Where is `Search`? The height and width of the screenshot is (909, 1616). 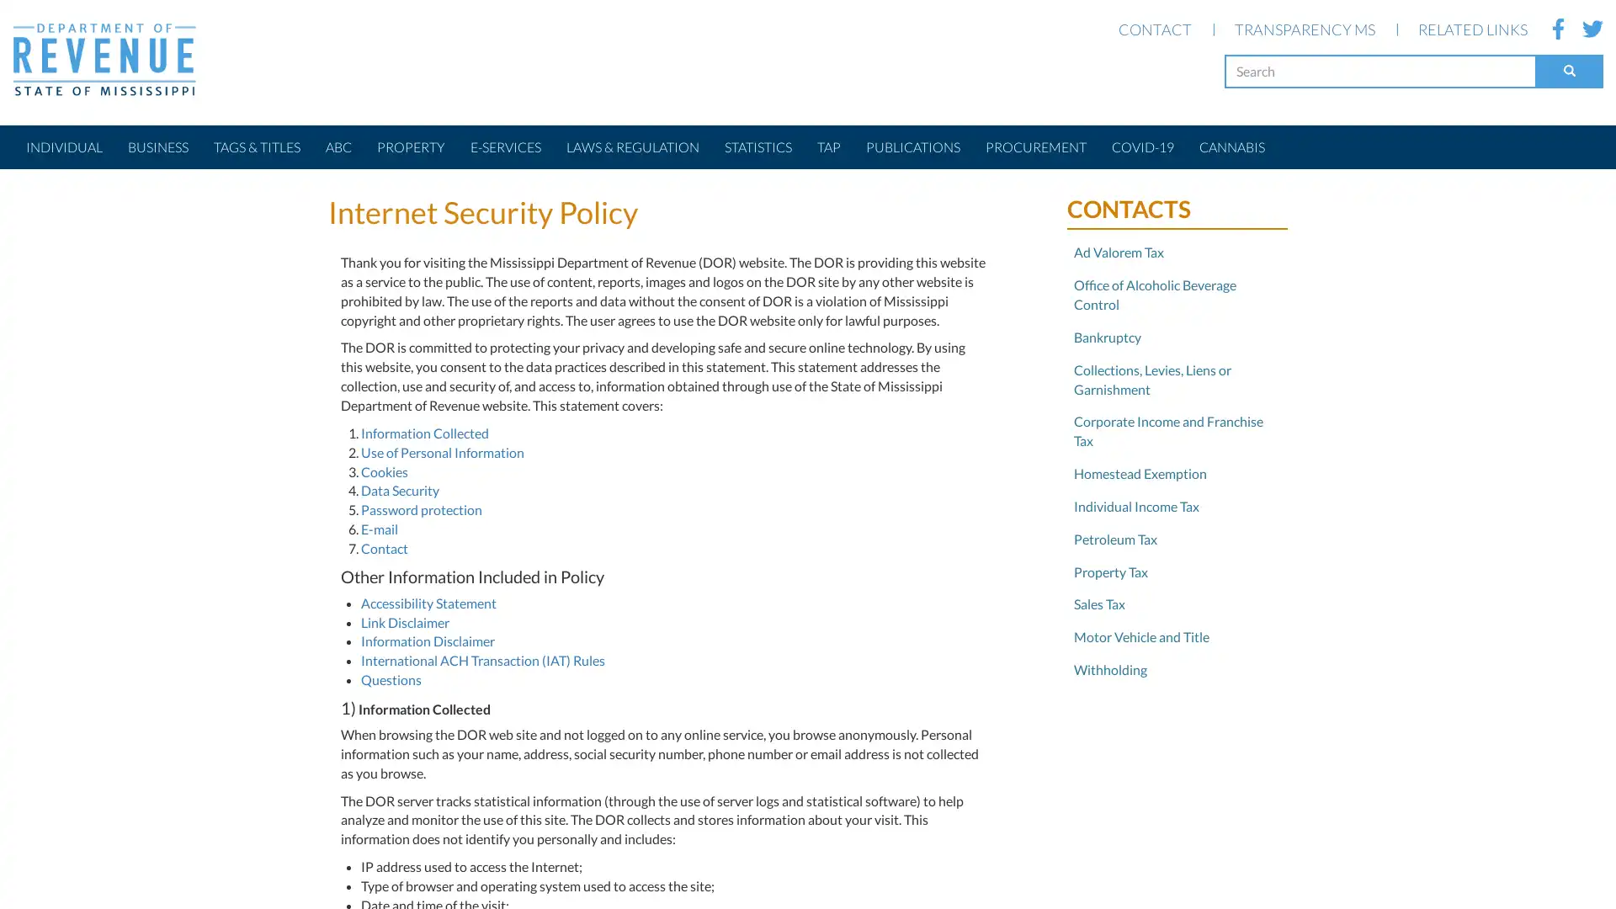 Search is located at coordinates (1569, 70).